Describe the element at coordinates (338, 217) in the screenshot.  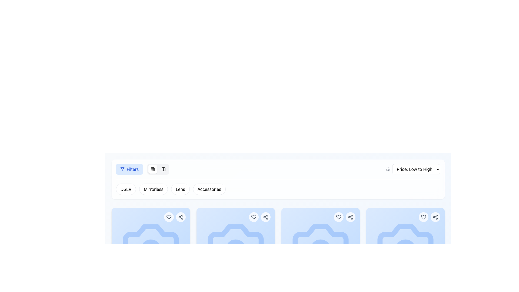
I see `the heart icon located in the top-right corner of a card element in the third column of the grid layout, which is styled with a dark gray stroke and no fill, positioned within a rounded rectangular white button` at that location.